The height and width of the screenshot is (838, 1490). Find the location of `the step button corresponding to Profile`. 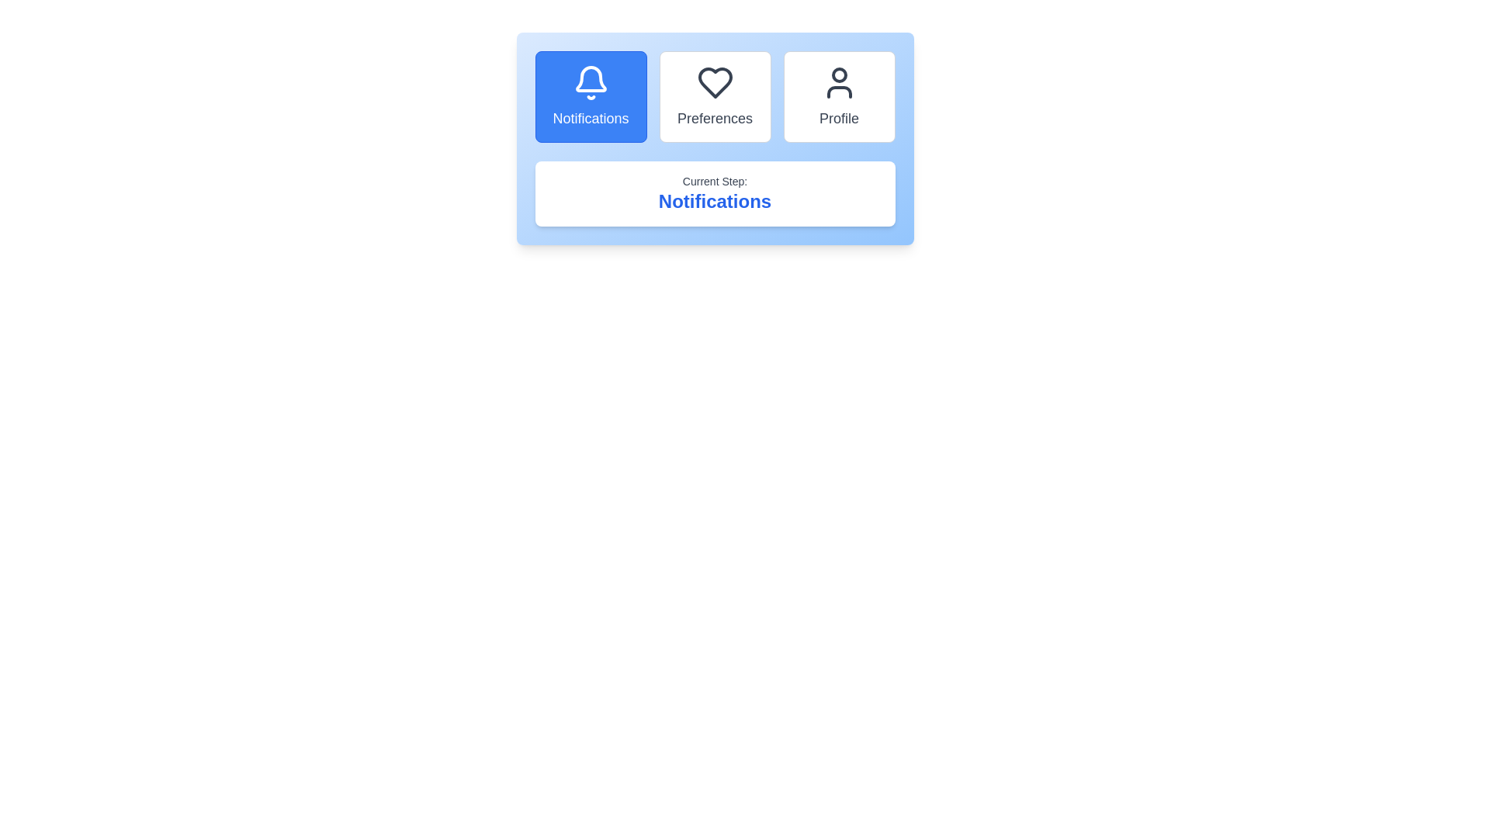

the step button corresponding to Profile is located at coordinates (838, 96).